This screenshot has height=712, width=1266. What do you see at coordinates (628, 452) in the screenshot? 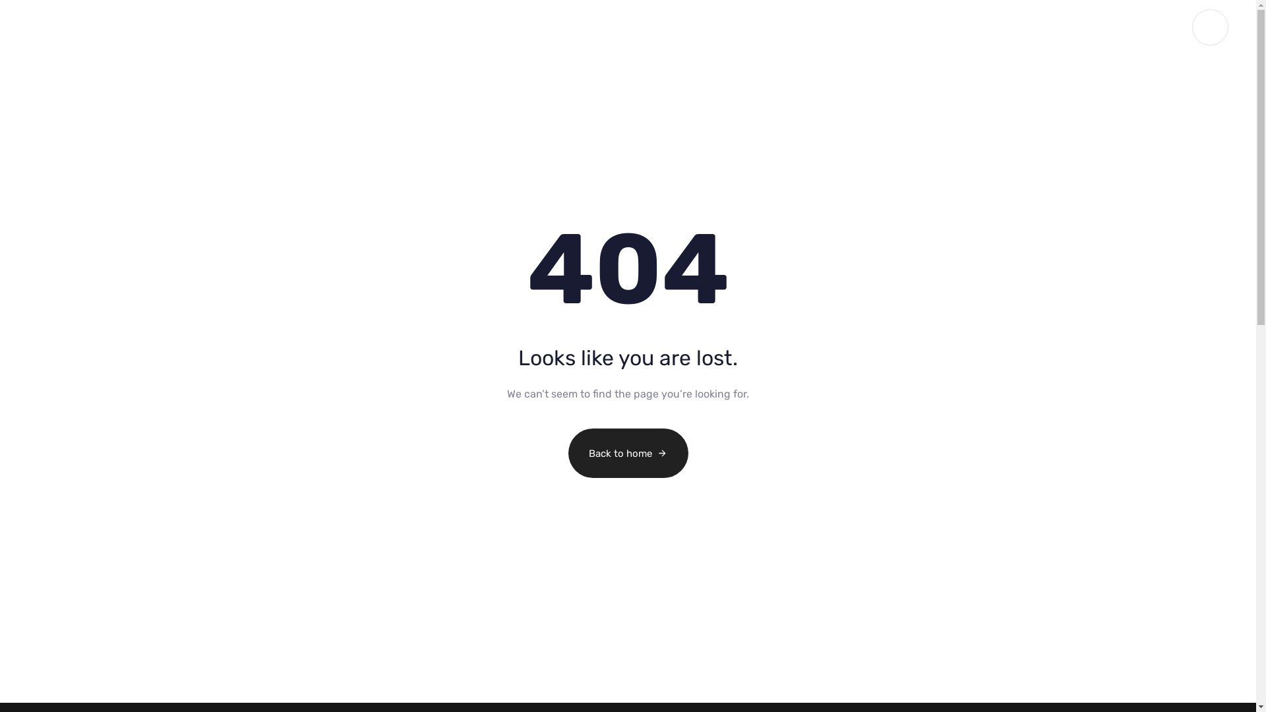
I see `'Back to home'` at bounding box center [628, 452].